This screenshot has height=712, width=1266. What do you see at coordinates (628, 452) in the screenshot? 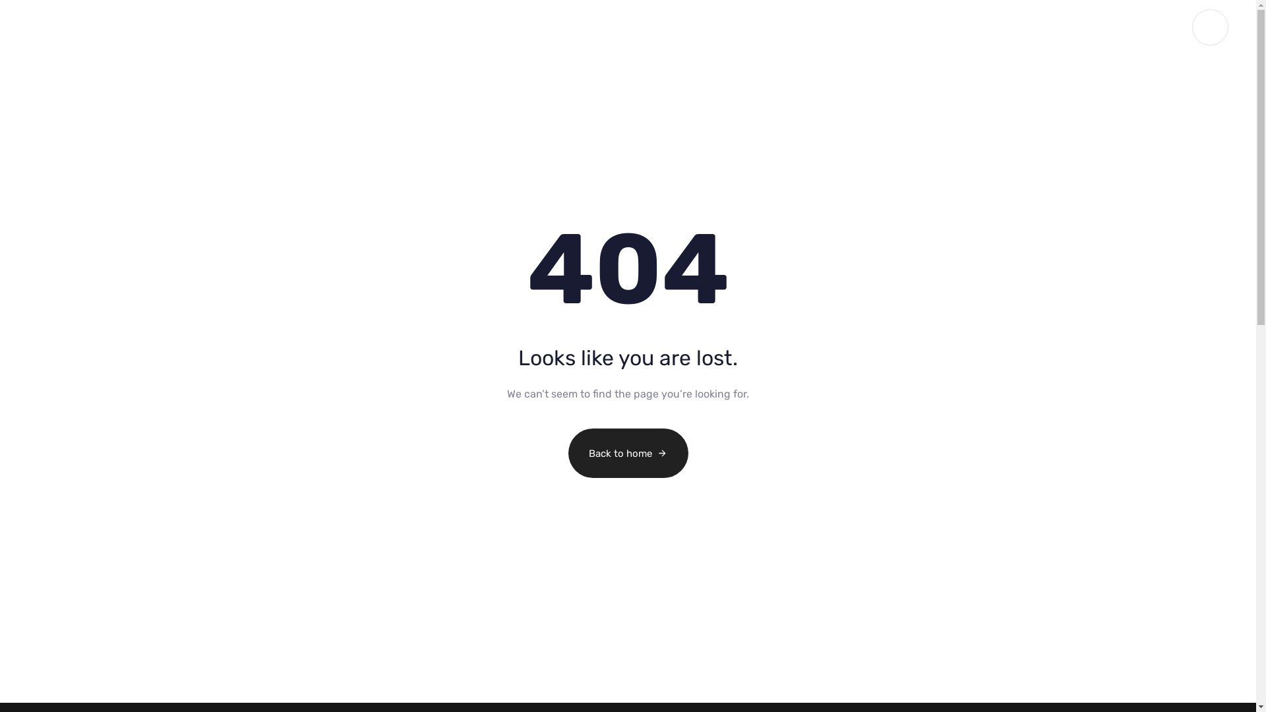
I see `'Back to home'` at bounding box center [628, 452].